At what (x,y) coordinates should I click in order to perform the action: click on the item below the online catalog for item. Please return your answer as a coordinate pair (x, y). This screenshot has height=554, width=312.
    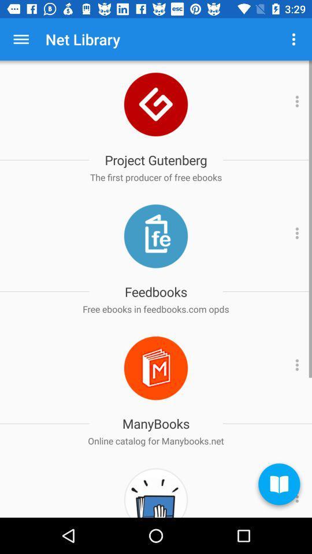
    Looking at the image, I should click on (278, 485).